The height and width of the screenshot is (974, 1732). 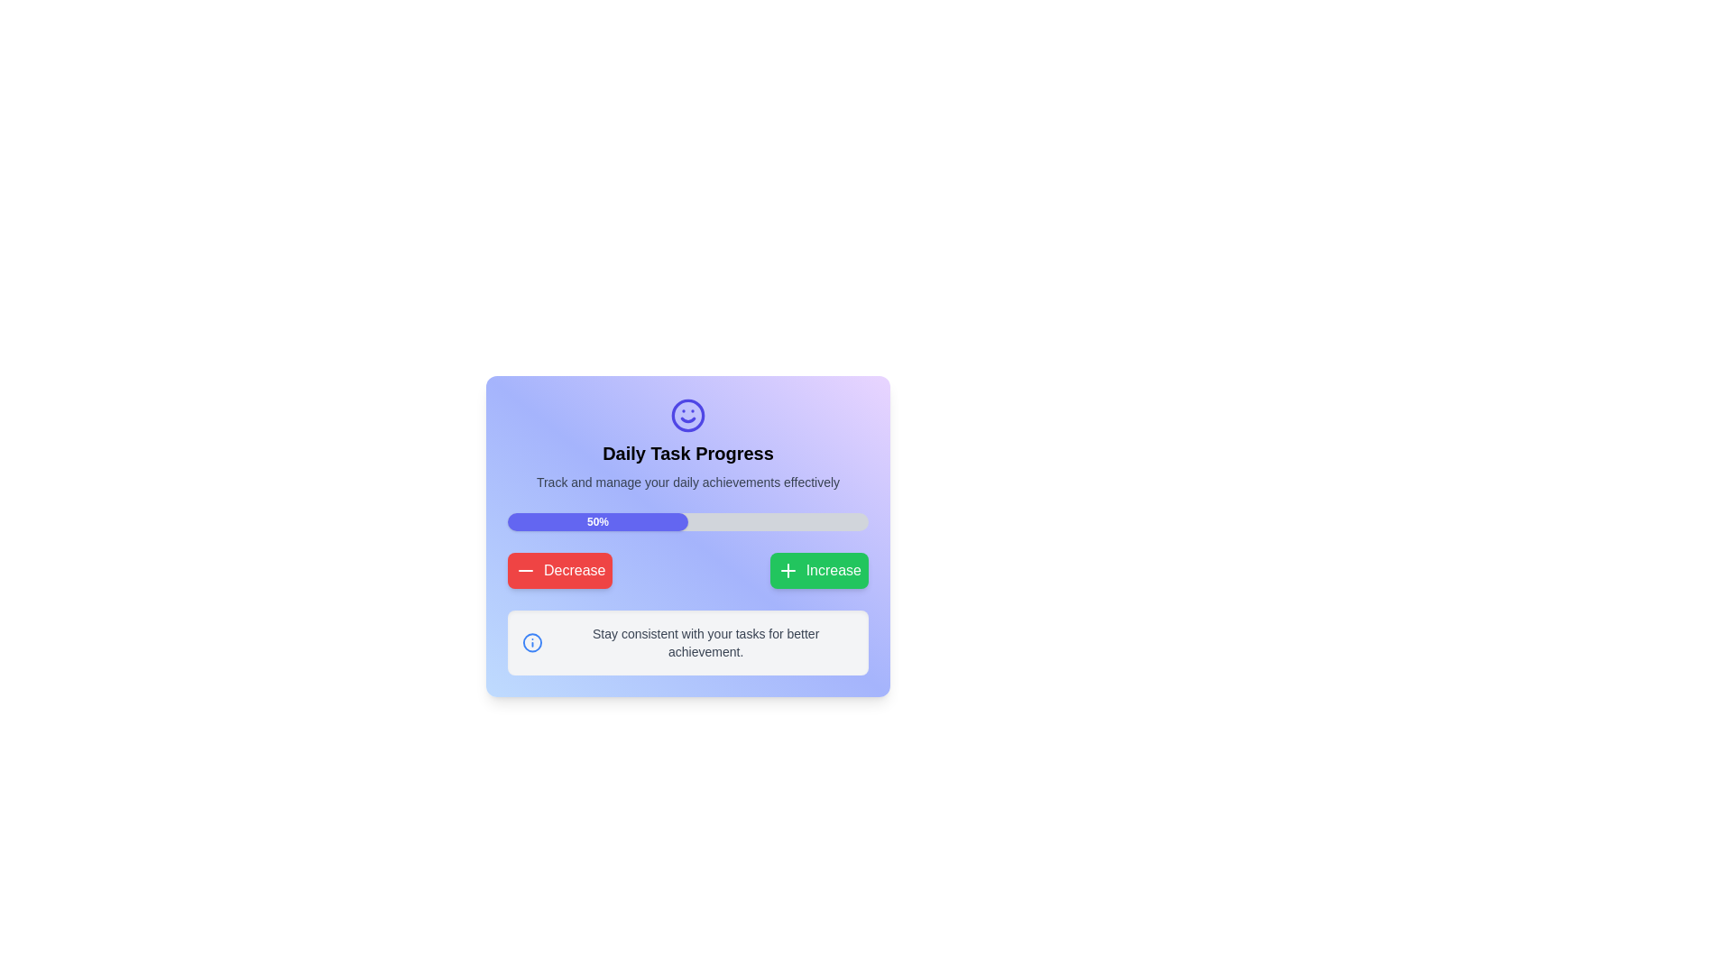 What do you see at coordinates (687, 642) in the screenshot?
I see `text from the Informational box located at the bottom of the card interface, directly beneath the 'Decrease' and 'Increase' buttons` at bounding box center [687, 642].